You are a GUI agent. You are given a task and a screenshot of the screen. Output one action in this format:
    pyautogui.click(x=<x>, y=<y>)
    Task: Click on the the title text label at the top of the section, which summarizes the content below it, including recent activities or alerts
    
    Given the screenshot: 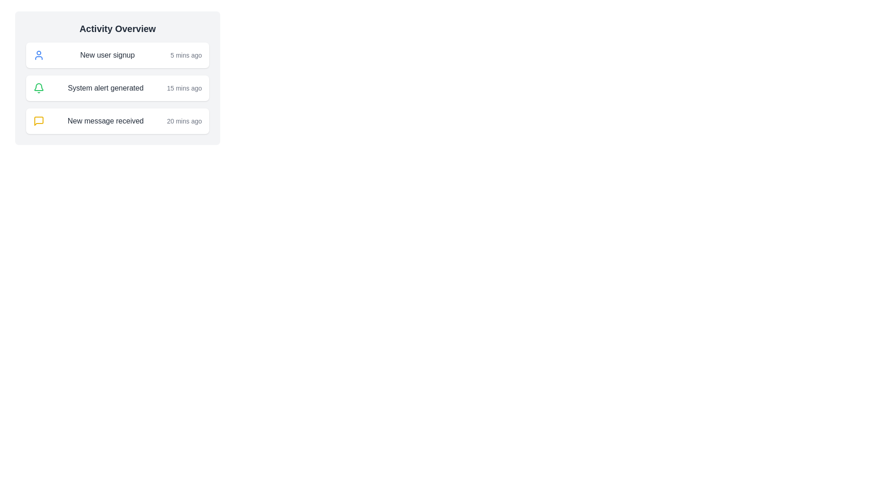 What is the action you would take?
    pyautogui.click(x=117, y=28)
    